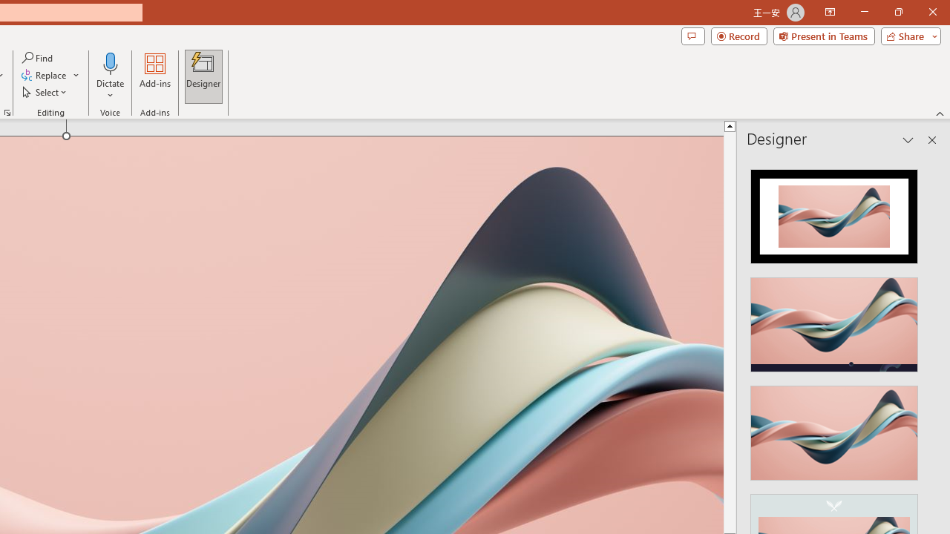 This screenshot has width=950, height=534. I want to click on 'Recommended Design: Design Idea', so click(834, 212).